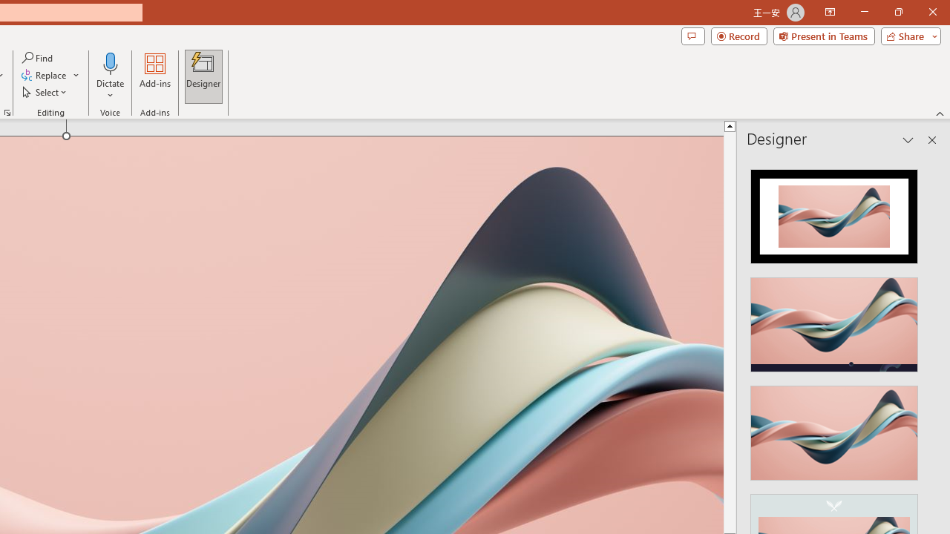 This screenshot has width=950, height=534. I want to click on 'Recommended Design: Design Idea', so click(834, 212).